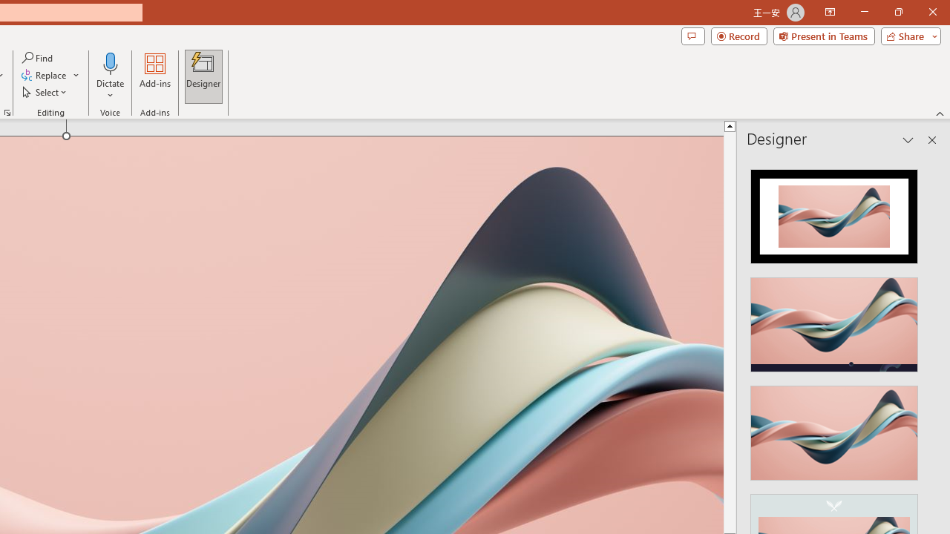 This screenshot has width=950, height=534. I want to click on 'Recommended Design: Design Idea', so click(834, 212).